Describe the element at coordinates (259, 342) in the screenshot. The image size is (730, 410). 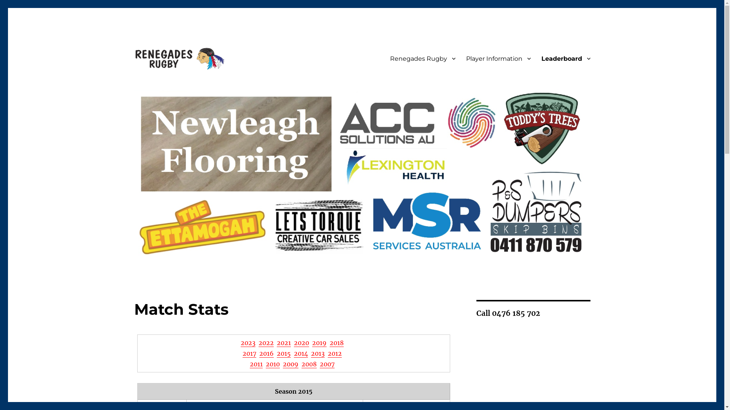
I see `'2022'` at that location.